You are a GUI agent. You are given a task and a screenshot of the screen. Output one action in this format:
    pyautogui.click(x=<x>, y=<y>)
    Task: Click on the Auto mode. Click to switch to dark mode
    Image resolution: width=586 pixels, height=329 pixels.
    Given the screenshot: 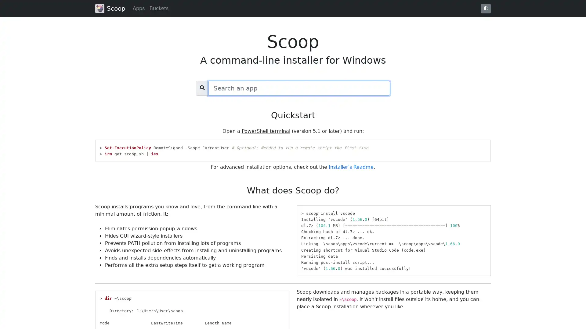 What is the action you would take?
    pyautogui.click(x=486, y=8)
    